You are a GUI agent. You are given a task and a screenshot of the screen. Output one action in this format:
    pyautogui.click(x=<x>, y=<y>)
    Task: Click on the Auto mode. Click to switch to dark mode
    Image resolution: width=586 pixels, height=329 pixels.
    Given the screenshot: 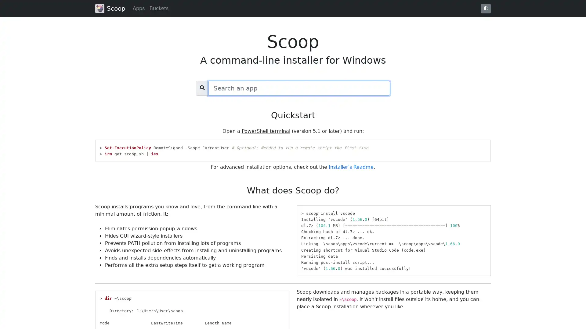 What is the action you would take?
    pyautogui.click(x=486, y=8)
    